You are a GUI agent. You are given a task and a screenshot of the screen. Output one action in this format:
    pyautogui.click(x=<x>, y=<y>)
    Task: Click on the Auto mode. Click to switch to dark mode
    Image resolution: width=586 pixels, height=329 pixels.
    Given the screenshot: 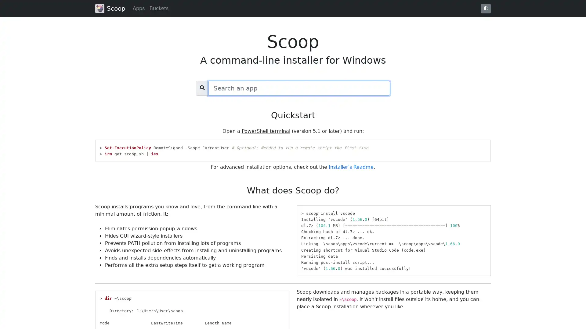 What is the action you would take?
    pyautogui.click(x=486, y=8)
    